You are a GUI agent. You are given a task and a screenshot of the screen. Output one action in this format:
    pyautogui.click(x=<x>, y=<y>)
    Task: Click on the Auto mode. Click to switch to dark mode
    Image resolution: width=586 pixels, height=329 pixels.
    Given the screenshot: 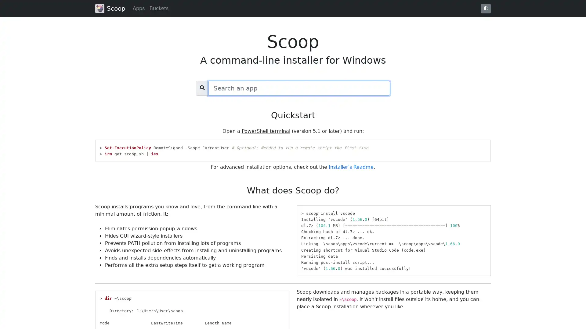 What is the action you would take?
    pyautogui.click(x=486, y=8)
    